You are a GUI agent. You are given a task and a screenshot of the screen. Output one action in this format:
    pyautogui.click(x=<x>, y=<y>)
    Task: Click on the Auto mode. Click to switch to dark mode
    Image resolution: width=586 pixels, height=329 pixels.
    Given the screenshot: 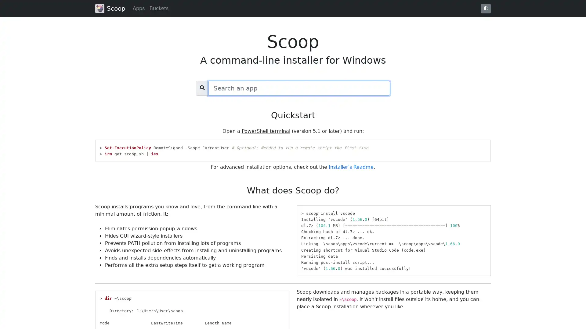 What is the action you would take?
    pyautogui.click(x=486, y=8)
    